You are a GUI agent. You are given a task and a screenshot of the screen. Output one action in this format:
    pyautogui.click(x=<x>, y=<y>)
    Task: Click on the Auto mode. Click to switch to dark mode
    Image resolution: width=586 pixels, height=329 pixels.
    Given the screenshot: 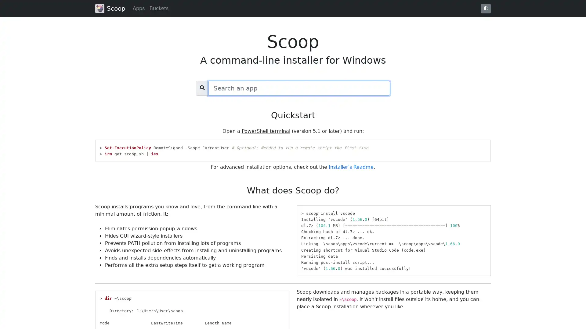 What is the action you would take?
    pyautogui.click(x=486, y=8)
    